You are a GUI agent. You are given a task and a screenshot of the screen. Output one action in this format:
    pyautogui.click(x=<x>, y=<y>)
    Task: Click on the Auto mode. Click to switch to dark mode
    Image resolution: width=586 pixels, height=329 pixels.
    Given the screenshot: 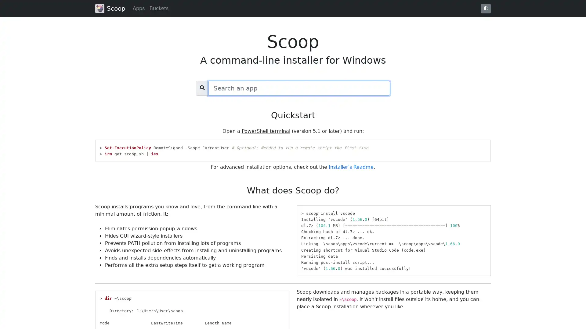 What is the action you would take?
    pyautogui.click(x=486, y=8)
    